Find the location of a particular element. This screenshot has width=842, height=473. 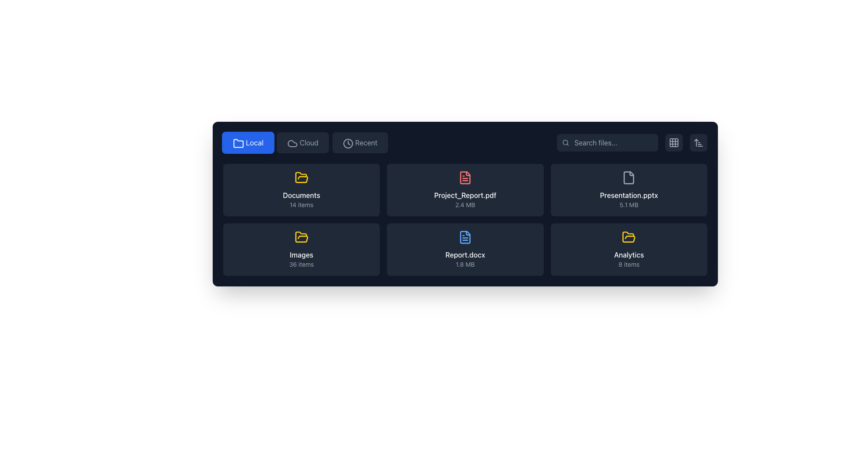

the folder icon located in the first column of the first row within the 'Documents' card, which serves as a visual indicator for related data is located at coordinates (628, 237).